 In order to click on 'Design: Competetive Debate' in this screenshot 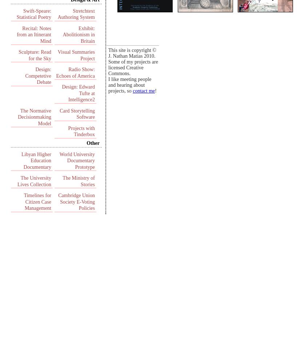, I will do `click(38, 76)`.